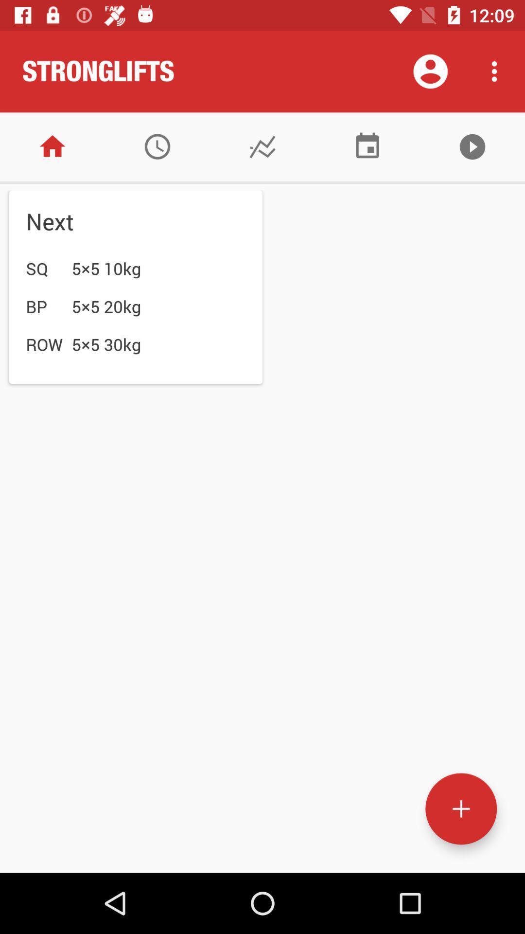 The height and width of the screenshot is (934, 525). Describe the element at coordinates (367, 146) in the screenshot. I see `schedule` at that location.